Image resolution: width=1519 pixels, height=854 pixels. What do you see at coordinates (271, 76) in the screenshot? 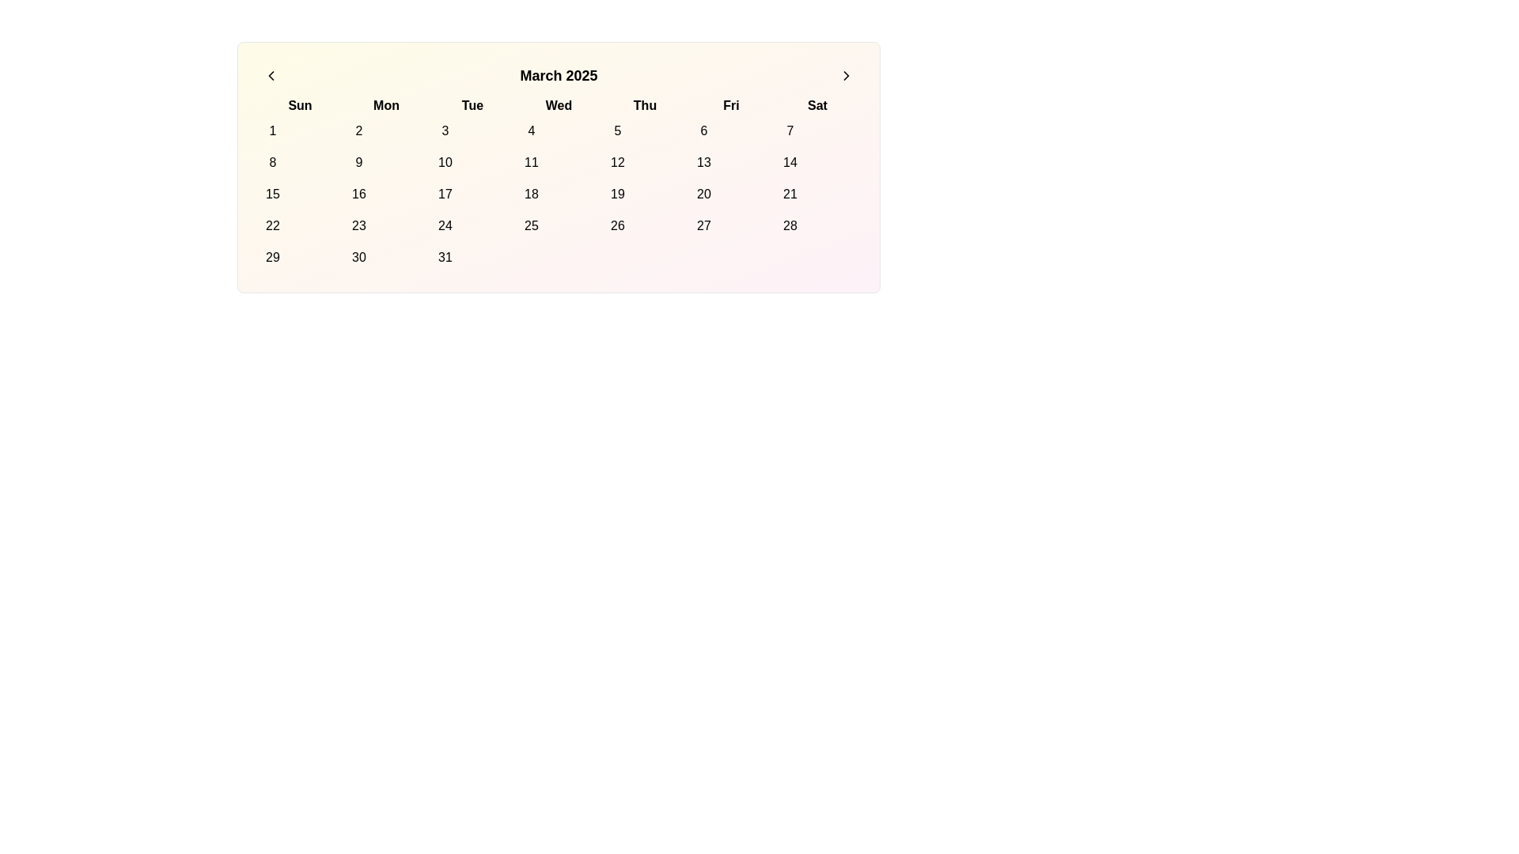
I see `the left navigation button for the calendar, located to the left of the 'March 2025' title` at bounding box center [271, 76].